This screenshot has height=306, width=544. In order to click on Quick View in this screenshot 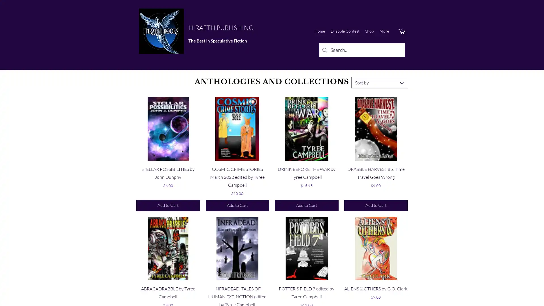, I will do `click(306, 287)`.